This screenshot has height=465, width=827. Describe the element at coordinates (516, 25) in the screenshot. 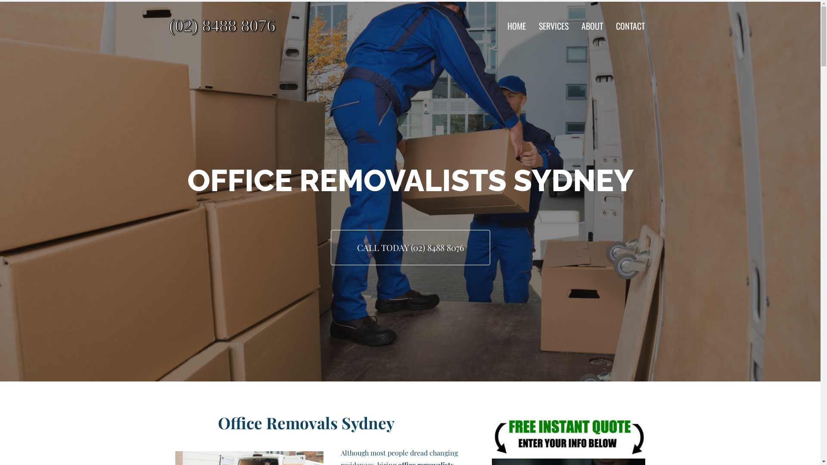

I see `'HOME'` at that location.